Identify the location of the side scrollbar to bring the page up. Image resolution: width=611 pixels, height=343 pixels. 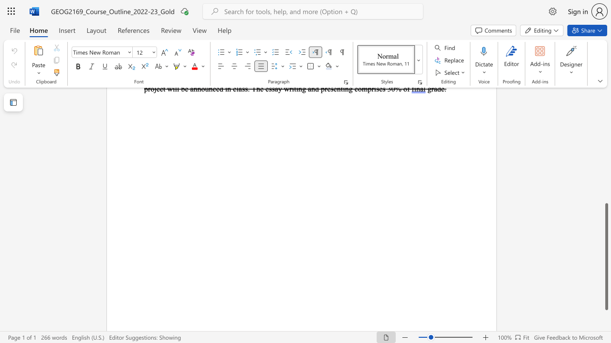
(606, 133).